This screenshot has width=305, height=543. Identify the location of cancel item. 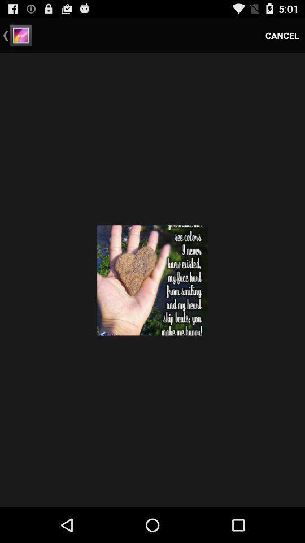
(281, 35).